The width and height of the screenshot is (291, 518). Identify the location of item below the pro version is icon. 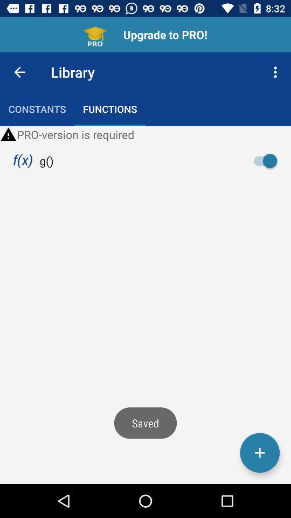
(46, 160).